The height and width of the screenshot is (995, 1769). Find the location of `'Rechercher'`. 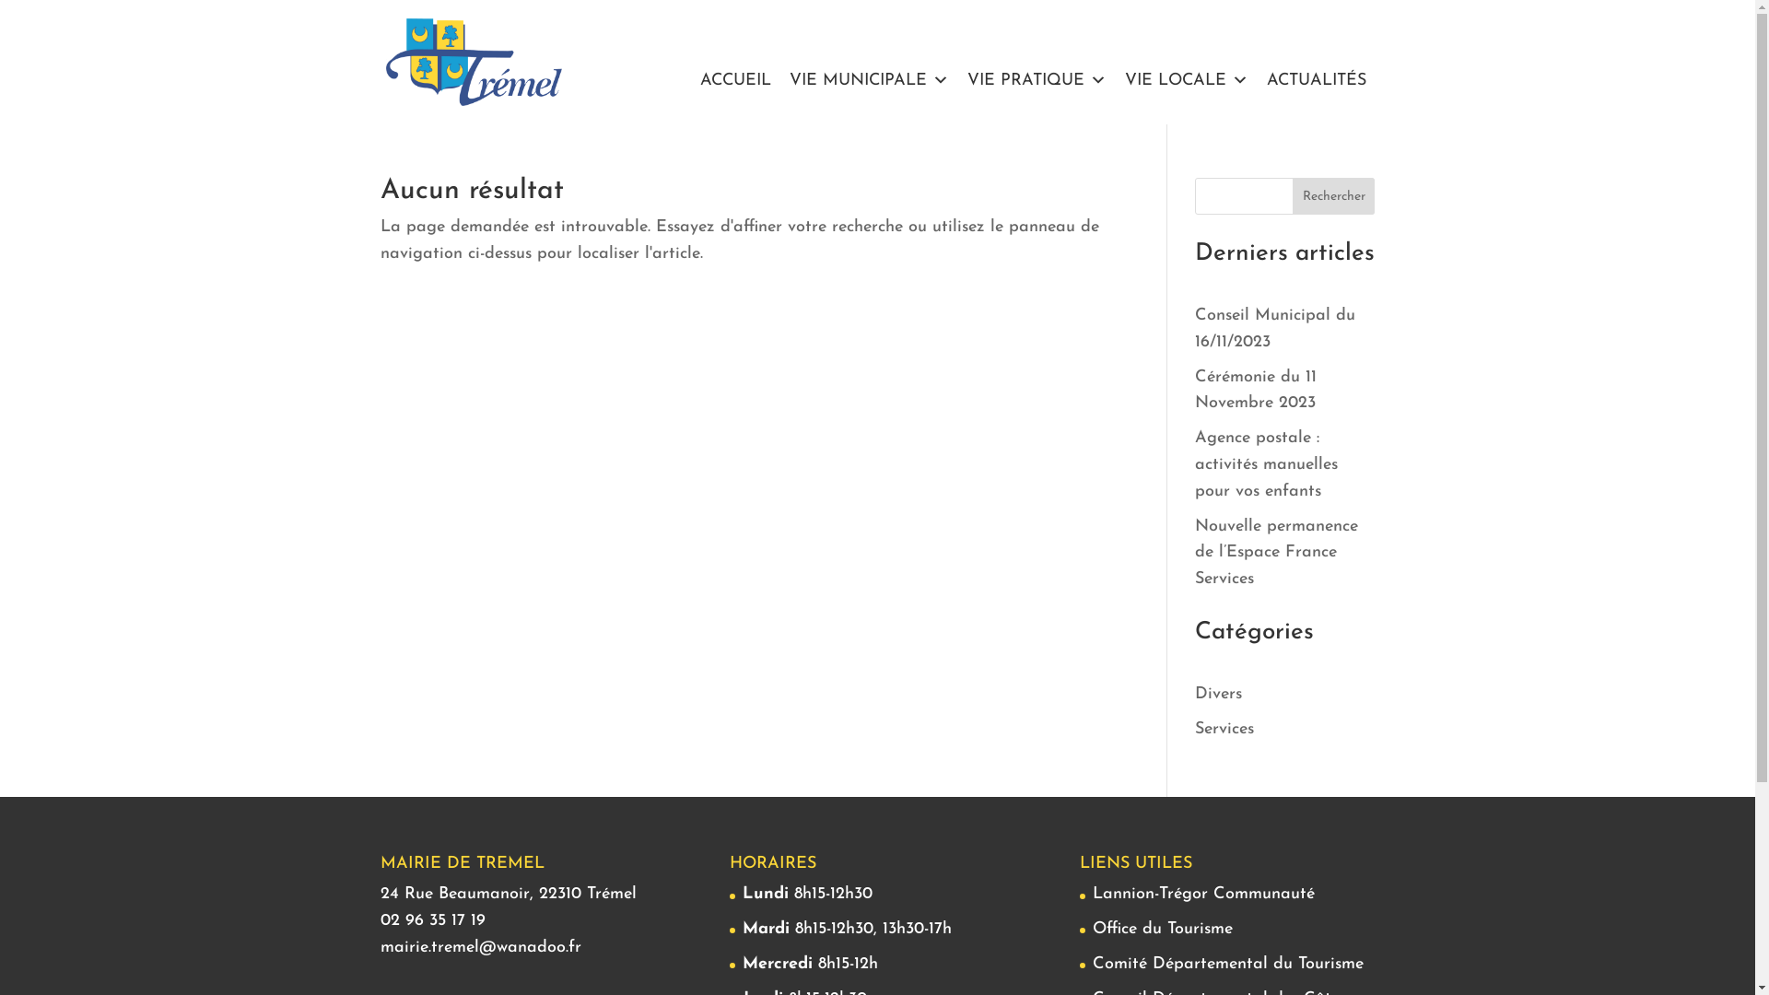

'Rechercher' is located at coordinates (1334, 195).